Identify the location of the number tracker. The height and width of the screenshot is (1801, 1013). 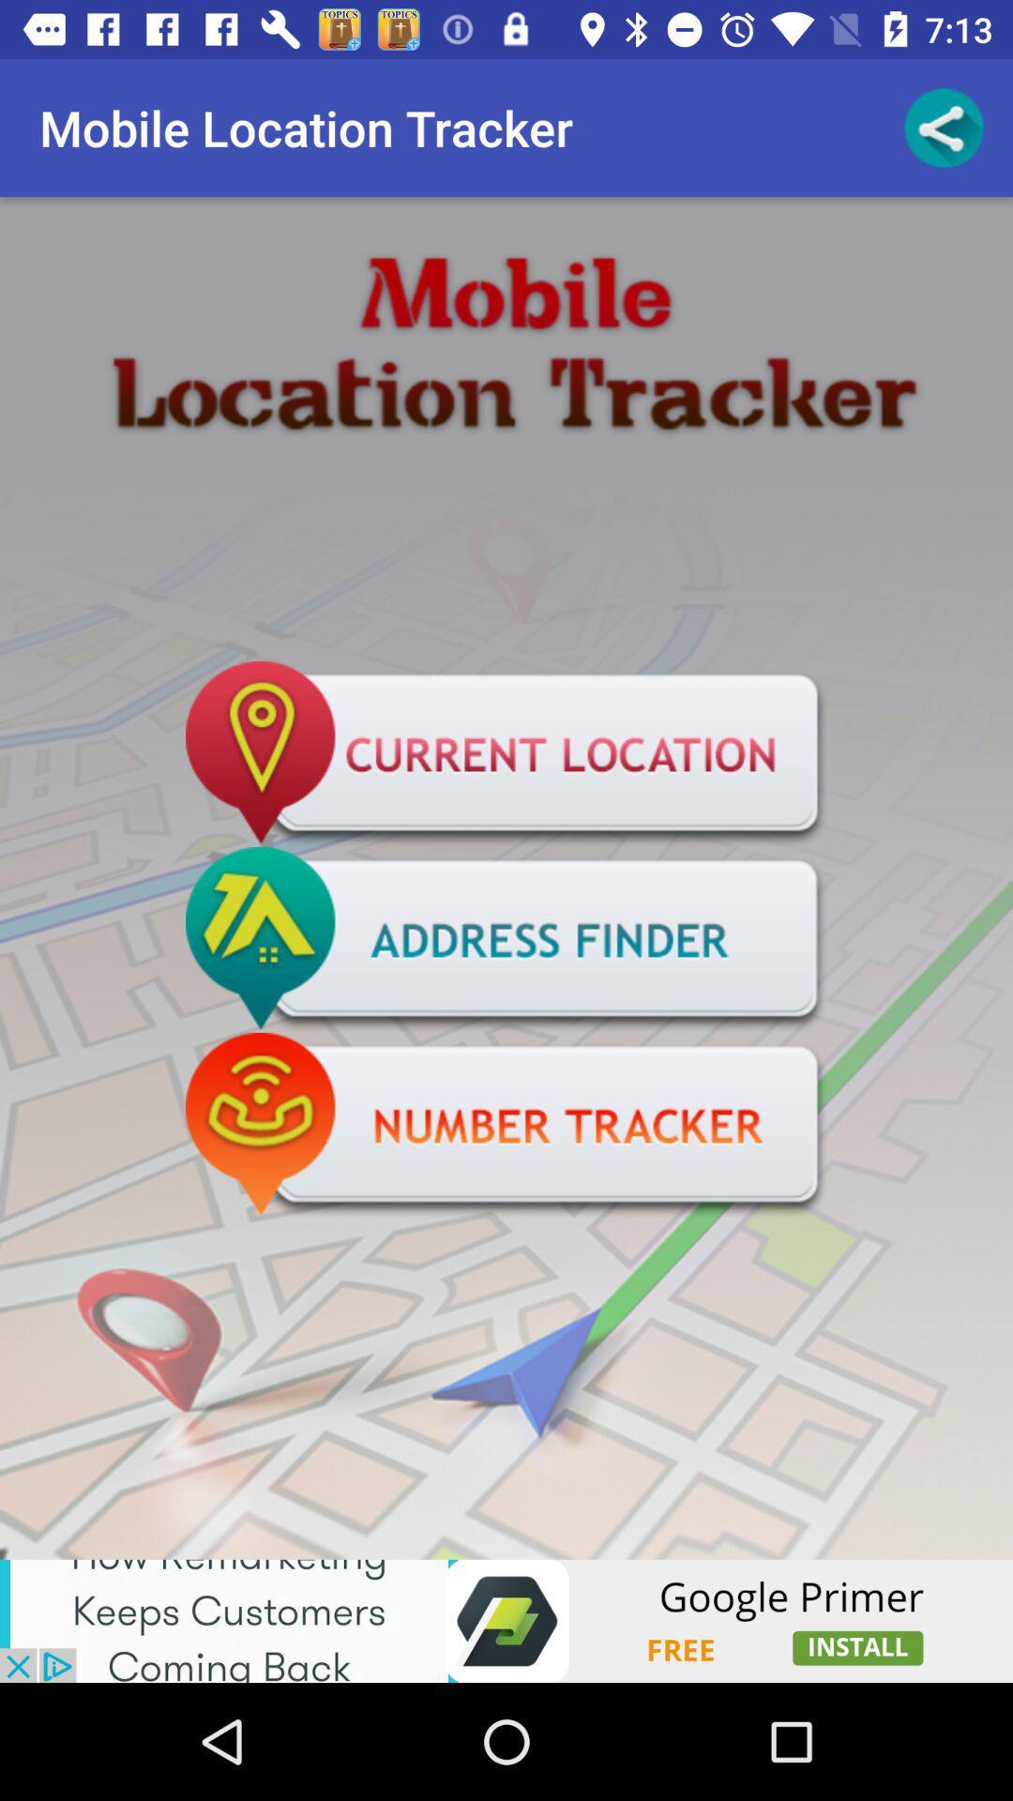
(506, 1126).